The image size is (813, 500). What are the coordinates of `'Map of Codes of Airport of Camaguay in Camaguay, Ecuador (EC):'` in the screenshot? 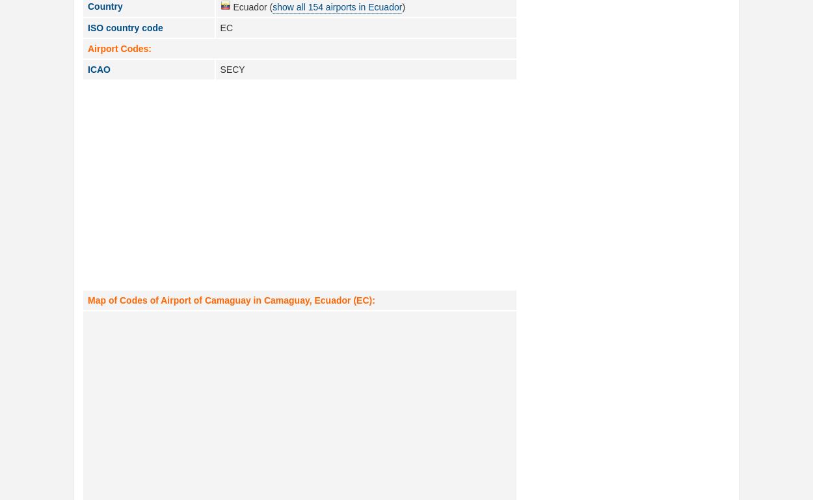 It's located at (88, 300).